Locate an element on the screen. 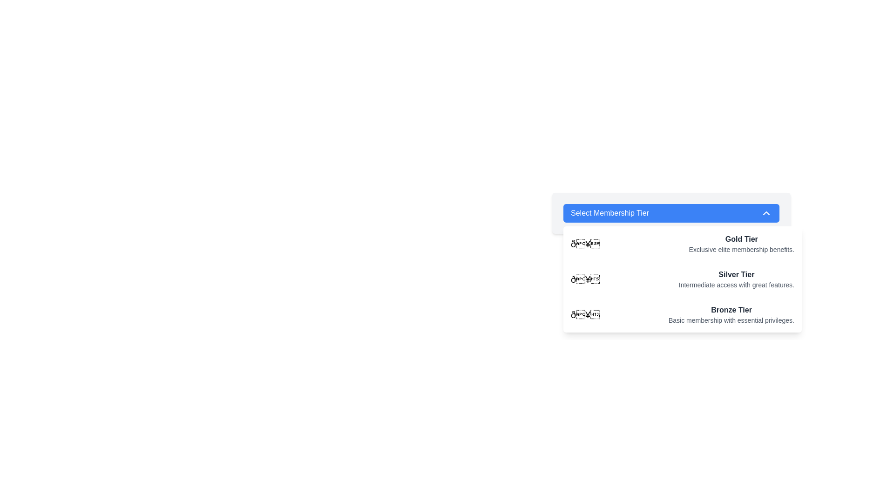  the Interactive list item labeled 'Bronze Tier' which features a small image on the left and a bold title with a description, positioned below the 'Gold Tier' and 'Silver Tier' options is located at coordinates (682, 314).